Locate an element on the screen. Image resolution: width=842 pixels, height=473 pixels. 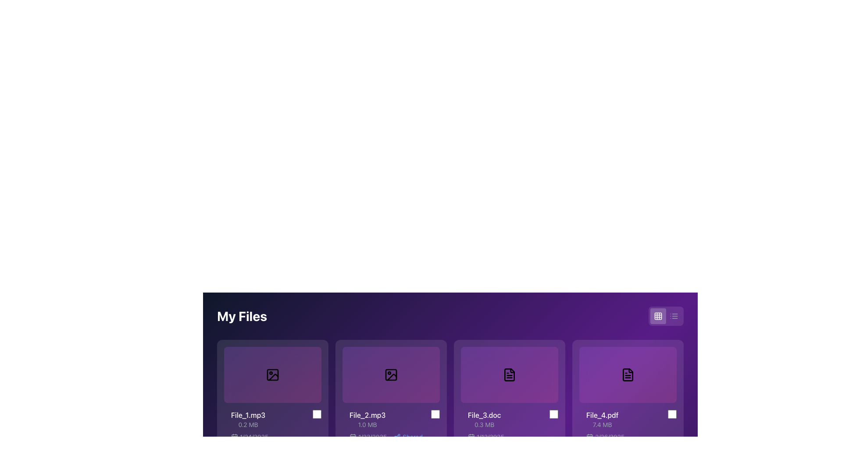
the Text Label displaying the date followed by the word 'Shared' below the file information for 'File_2.mp3' is located at coordinates (394, 437).